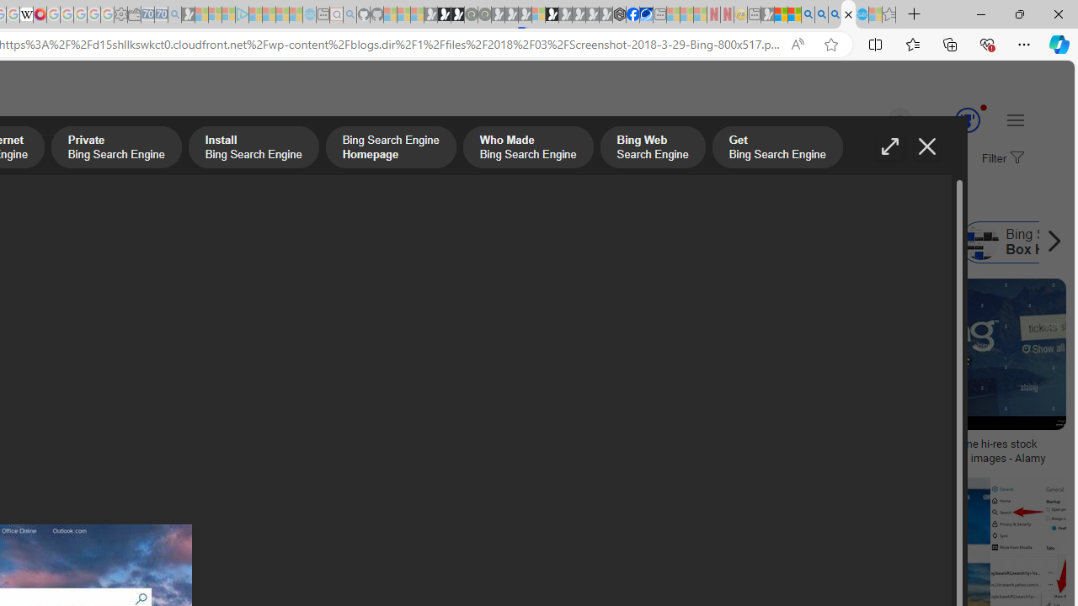  What do you see at coordinates (120, 14) in the screenshot?
I see `'Settings - Sleeping'` at bounding box center [120, 14].